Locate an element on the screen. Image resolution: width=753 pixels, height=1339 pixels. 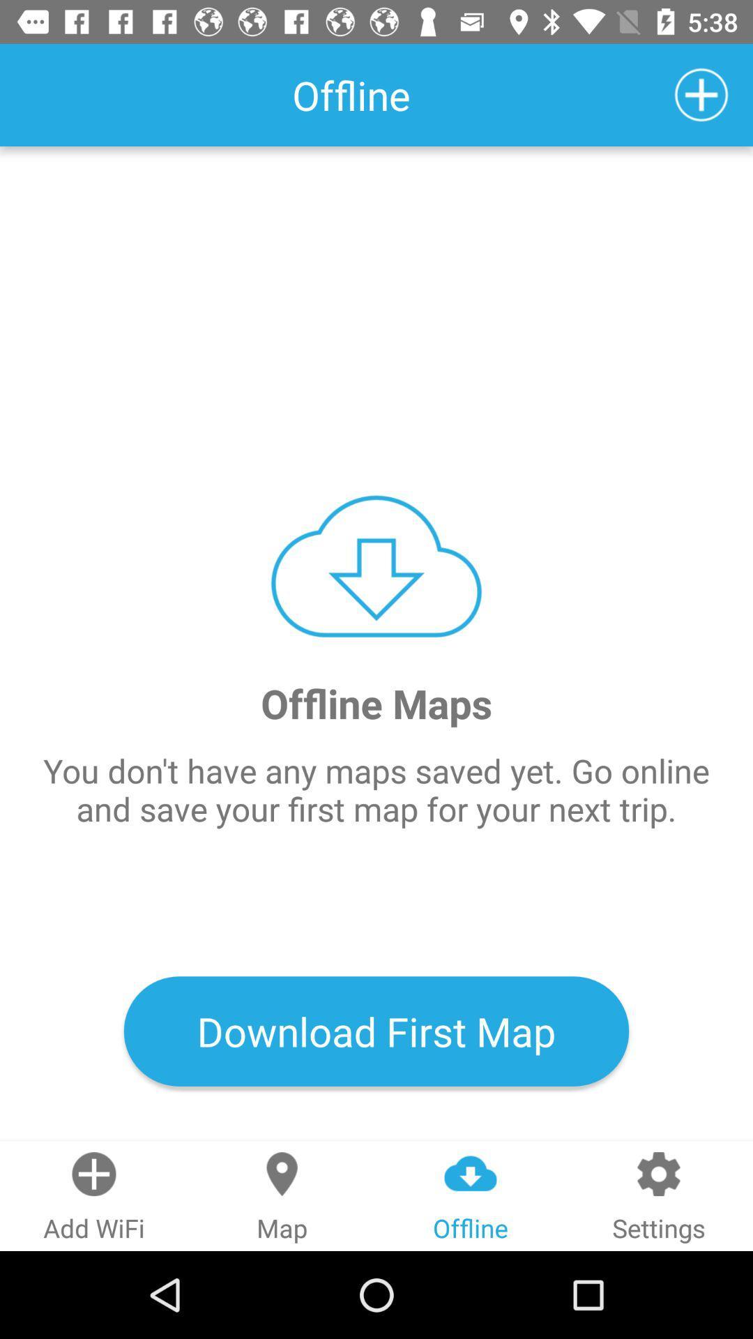
the icon next to offline item is located at coordinates (701, 94).